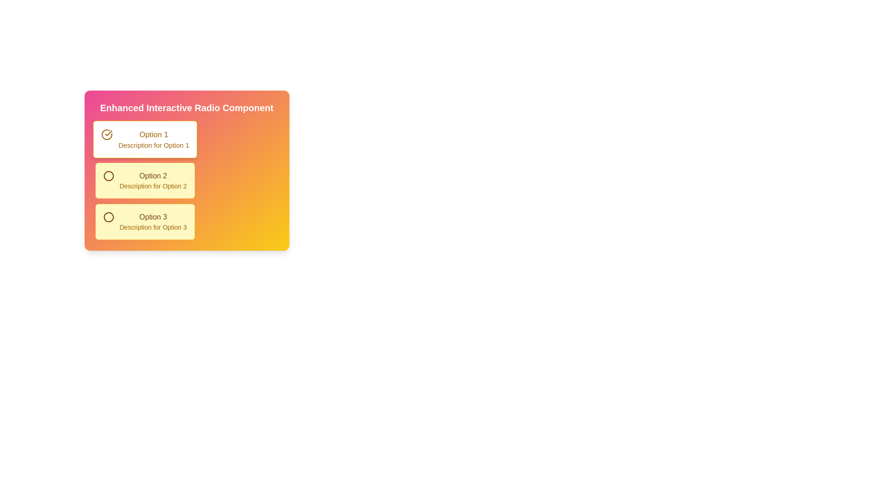  I want to click on the text label that provides descriptive information about 'Option 2', which is centrally located under the 'Option 2' text in the second selectable option box, so click(153, 186).